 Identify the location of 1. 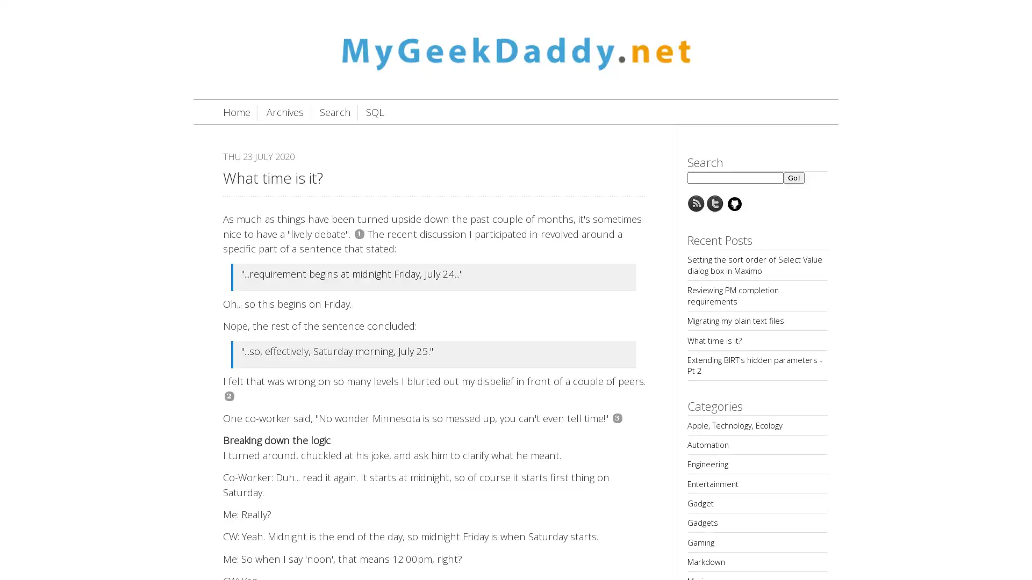
(359, 233).